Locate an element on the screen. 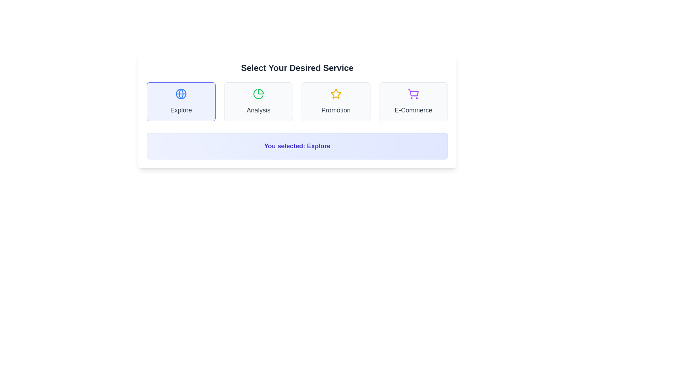 The height and width of the screenshot is (383, 682). the circular blue globe icon located in the leftmost choice box labeled 'Explore', positioned above the text 'Explore' is located at coordinates (181, 94).